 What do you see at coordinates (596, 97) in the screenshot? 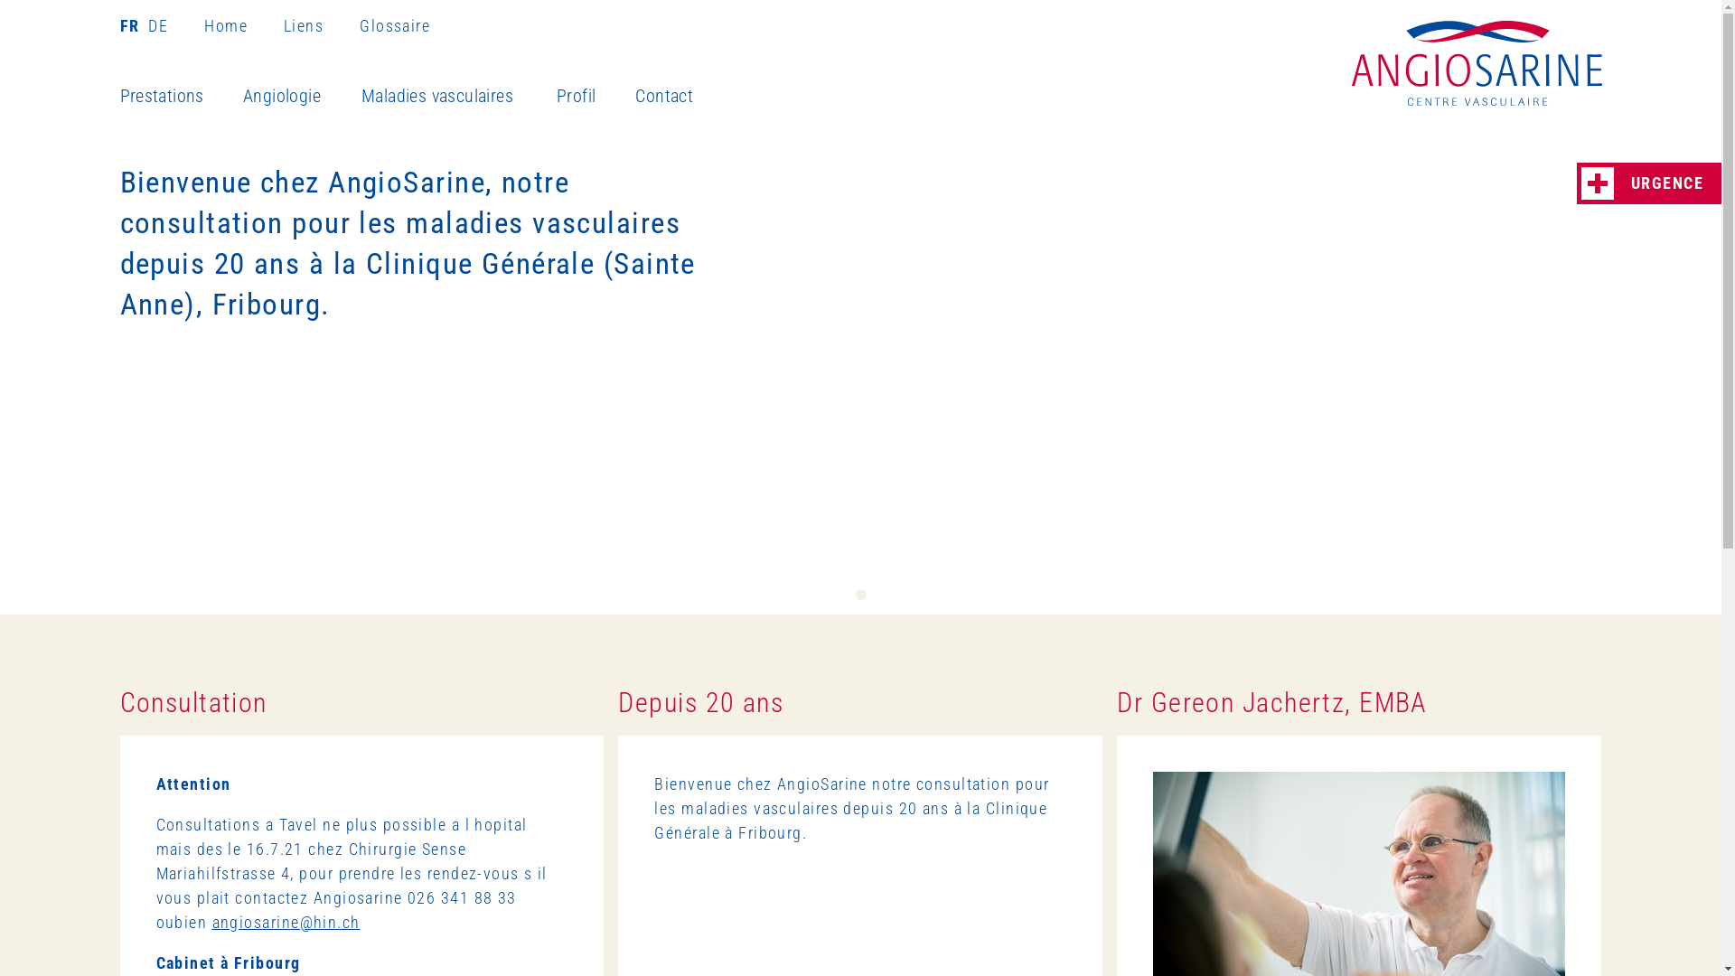
I see `'Profil'` at bounding box center [596, 97].